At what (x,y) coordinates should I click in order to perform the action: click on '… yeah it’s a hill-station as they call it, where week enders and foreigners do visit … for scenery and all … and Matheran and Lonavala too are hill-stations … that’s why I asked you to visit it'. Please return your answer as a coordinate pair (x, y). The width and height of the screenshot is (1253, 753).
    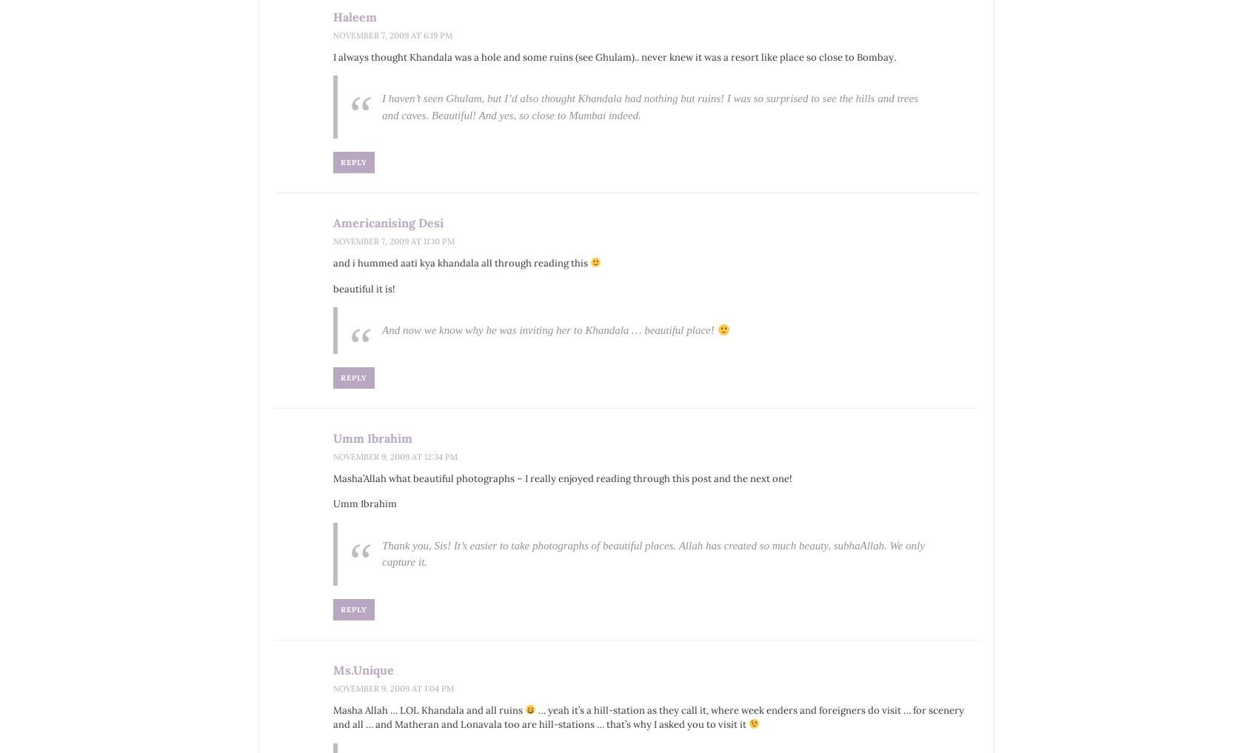
    Looking at the image, I should click on (647, 717).